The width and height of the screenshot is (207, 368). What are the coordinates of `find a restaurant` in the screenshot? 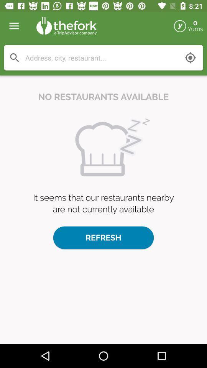 It's located at (101, 57).